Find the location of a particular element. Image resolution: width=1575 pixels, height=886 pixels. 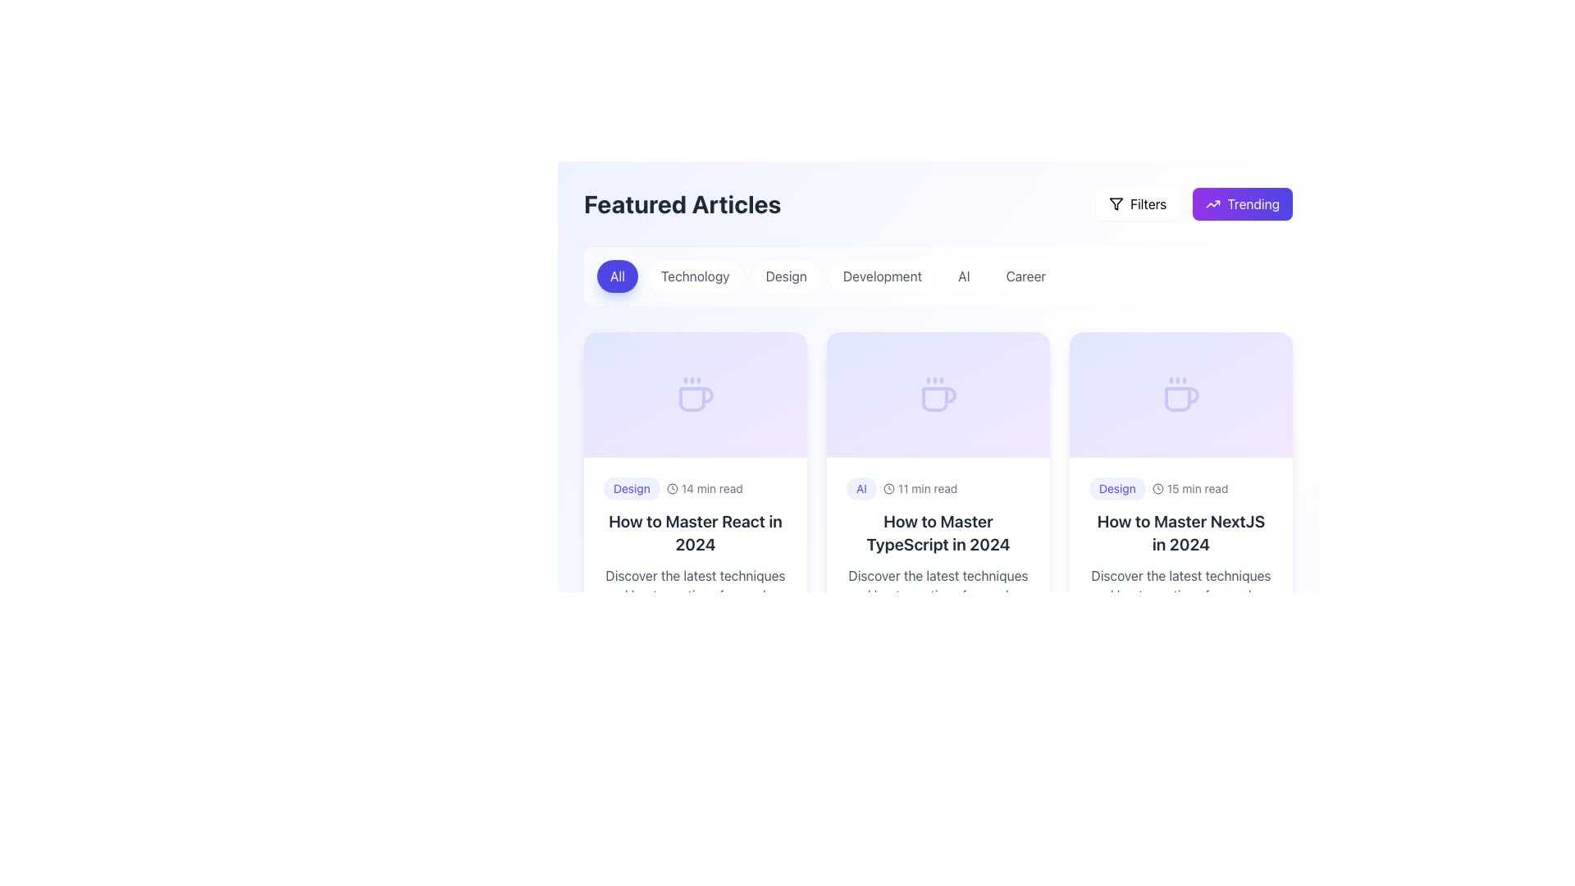

text displayed in the small, rounded rectangular badge with a light indigo background and bold indigo 'AI' text, located in the title section of the second article card is located at coordinates (861, 488).